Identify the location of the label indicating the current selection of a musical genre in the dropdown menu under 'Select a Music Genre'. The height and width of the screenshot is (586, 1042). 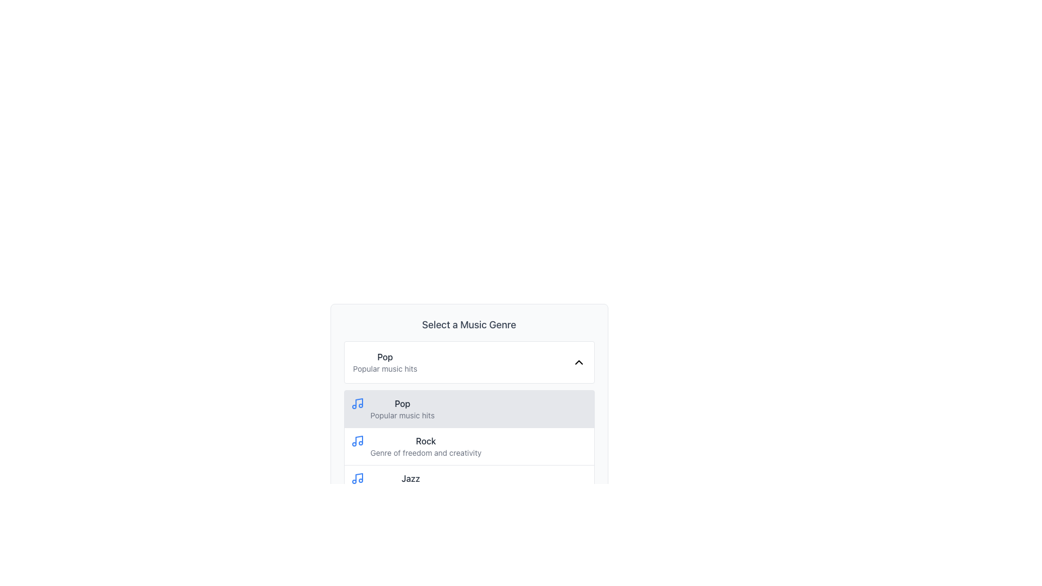
(385, 357).